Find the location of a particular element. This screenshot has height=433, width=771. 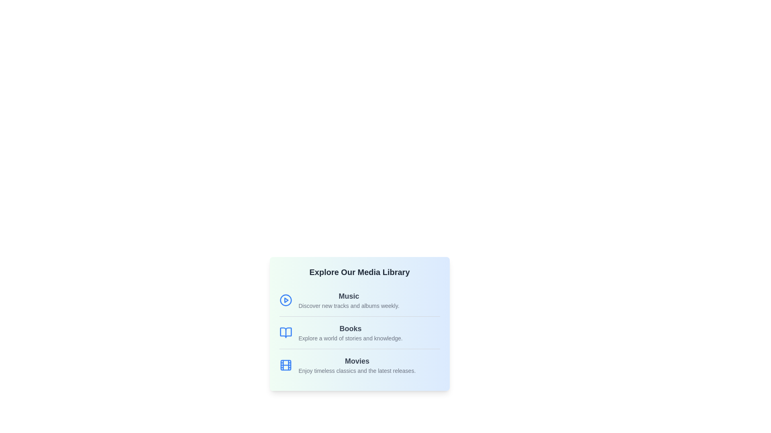

the 'Movies' category in the Media Library component is located at coordinates (357, 365).